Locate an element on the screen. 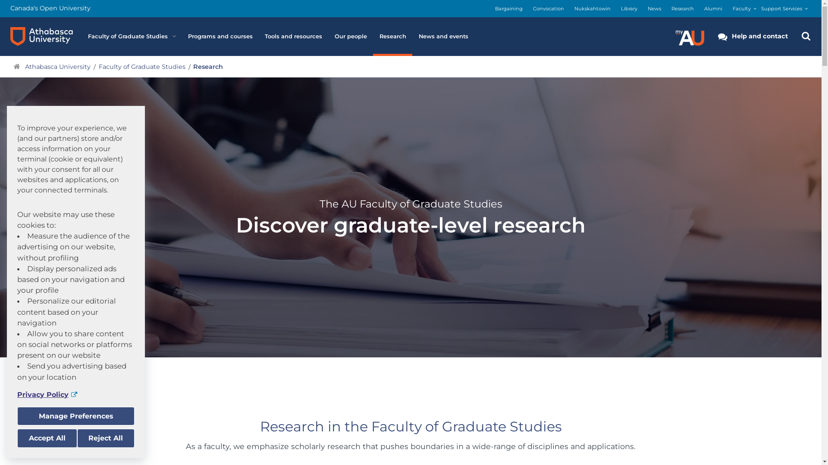 The width and height of the screenshot is (828, 465). 'Nukskahtowin' is located at coordinates (592, 9).